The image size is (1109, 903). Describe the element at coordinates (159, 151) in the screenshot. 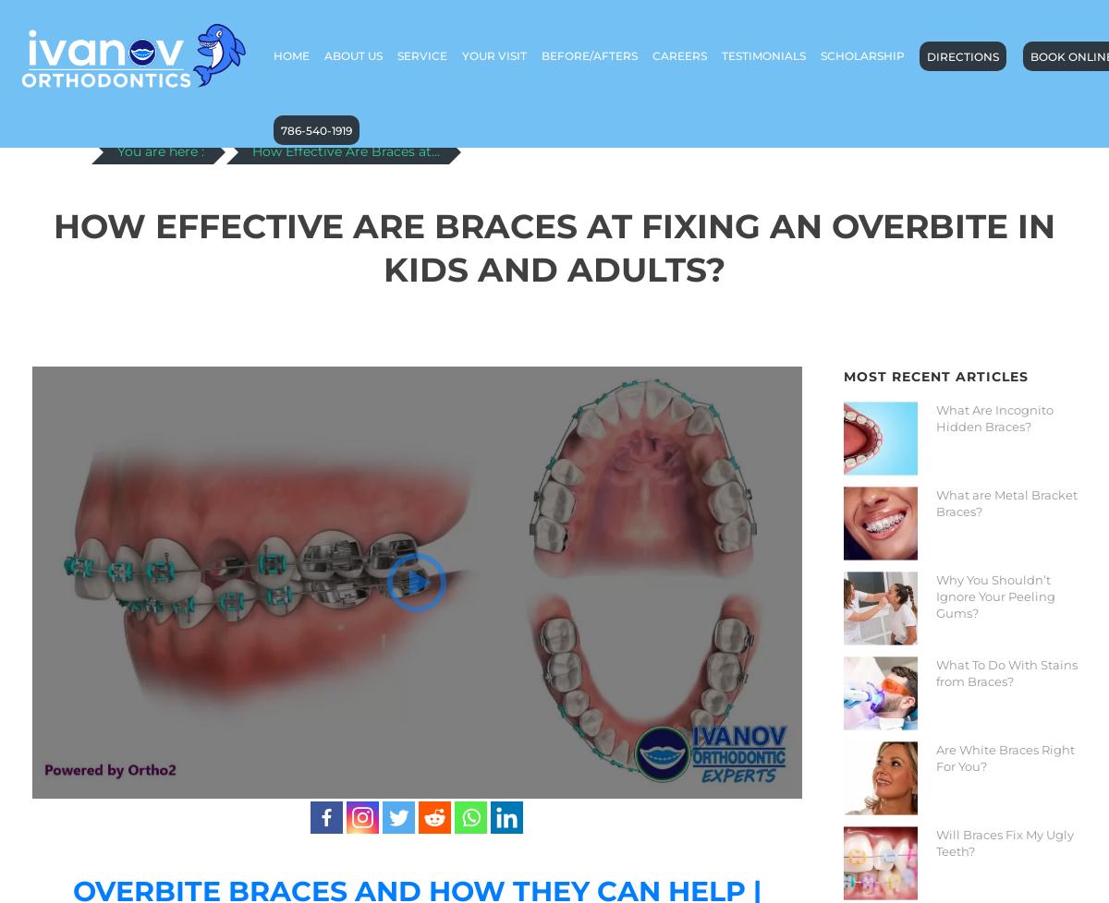

I see `'You are here :'` at that location.